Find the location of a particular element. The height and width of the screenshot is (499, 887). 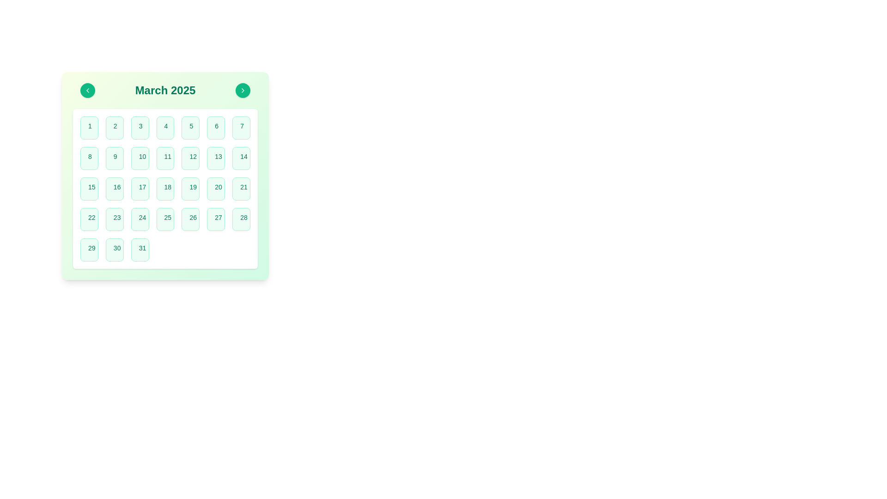

the calendar day tile displaying the number '19' with a green background is located at coordinates (190, 188).